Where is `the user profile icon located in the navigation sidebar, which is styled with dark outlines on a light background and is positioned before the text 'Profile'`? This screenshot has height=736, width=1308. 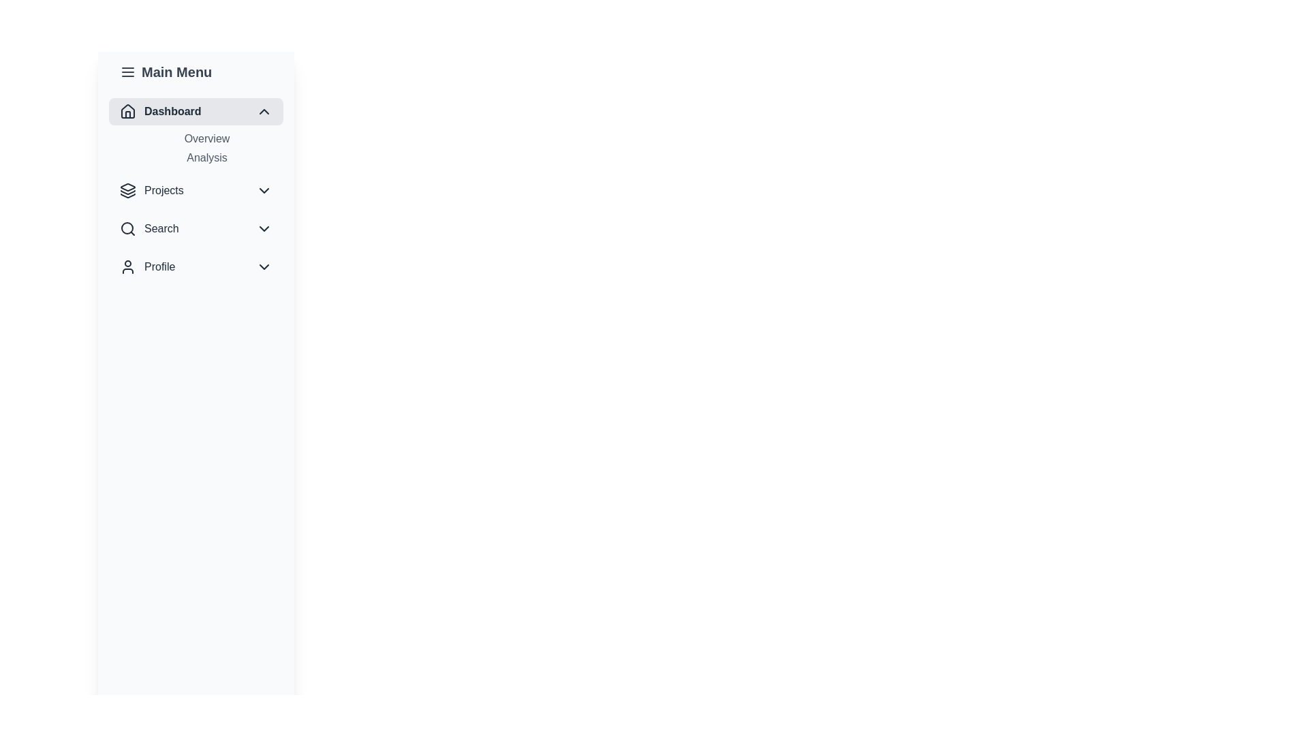
the user profile icon located in the navigation sidebar, which is styled with dark outlines on a light background and is positioned before the text 'Profile' is located at coordinates (127, 267).